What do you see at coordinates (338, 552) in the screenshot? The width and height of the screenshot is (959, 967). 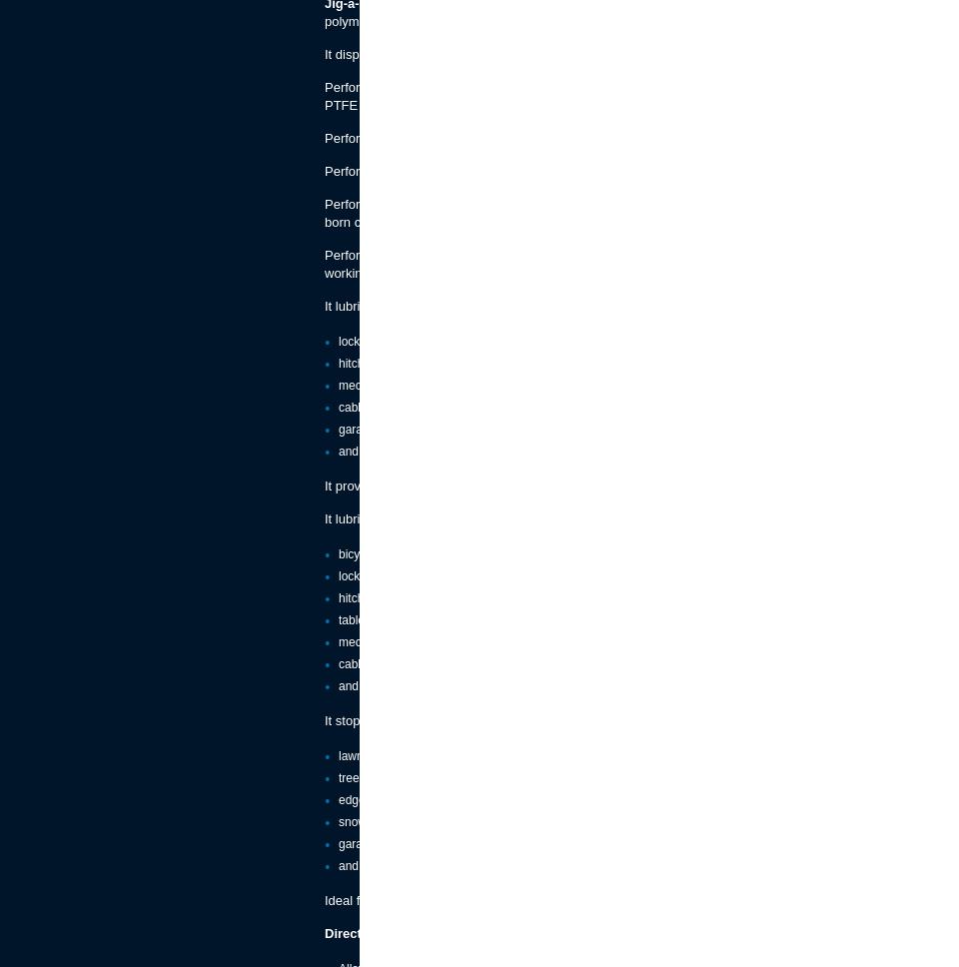 I see `'bicycles'` at bounding box center [338, 552].